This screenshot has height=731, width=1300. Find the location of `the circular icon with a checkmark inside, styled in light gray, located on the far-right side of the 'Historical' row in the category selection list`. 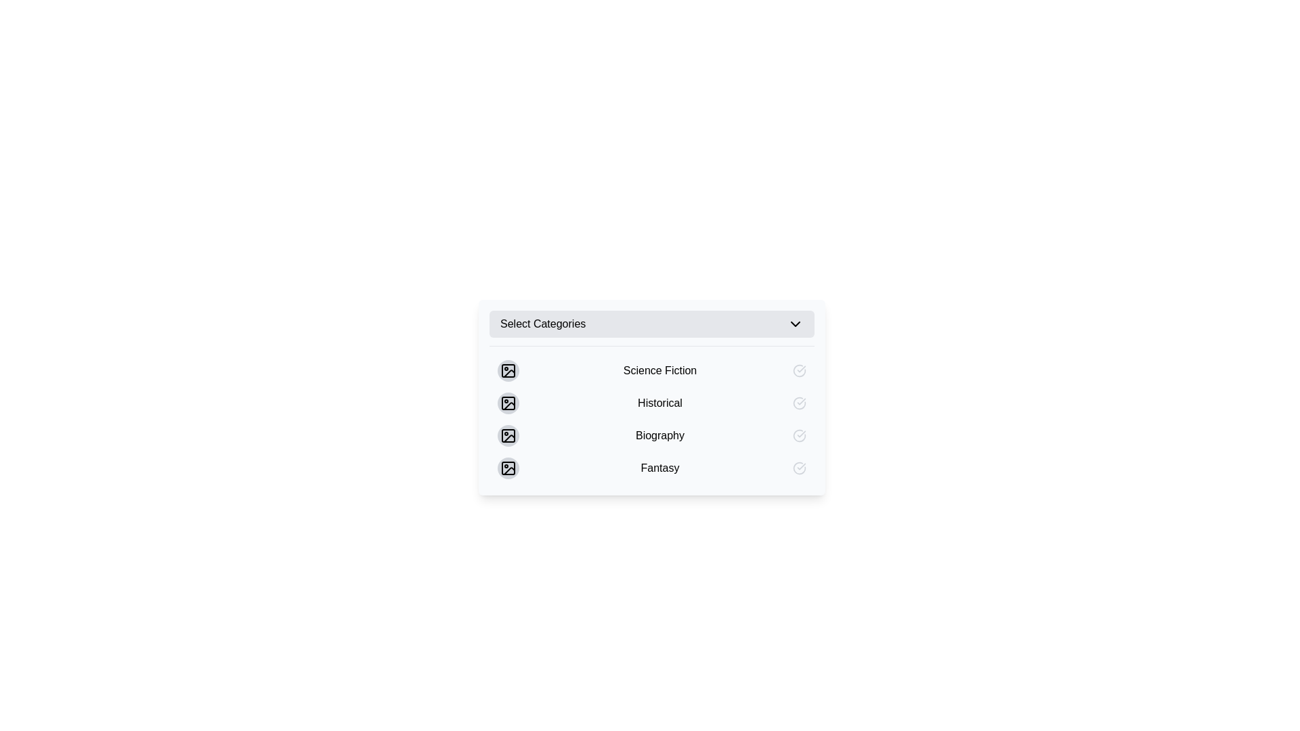

the circular icon with a checkmark inside, styled in light gray, located on the far-right side of the 'Historical' row in the category selection list is located at coordinates (799, 403).